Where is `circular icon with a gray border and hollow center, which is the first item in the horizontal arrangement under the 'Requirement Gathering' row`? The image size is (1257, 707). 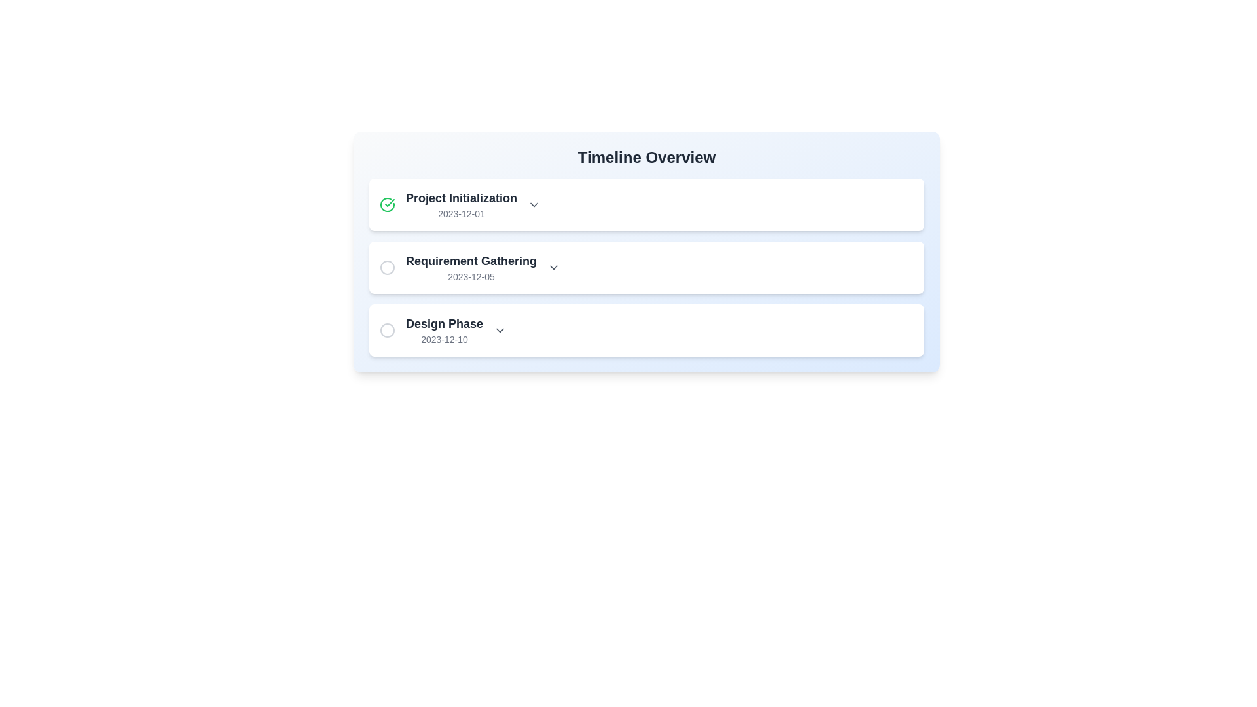 circular icon with a gray border and hollow center, which is the first item in the horizontal arrangement under the 'Requirement Gathering' row is located at coordinates (386, 266).